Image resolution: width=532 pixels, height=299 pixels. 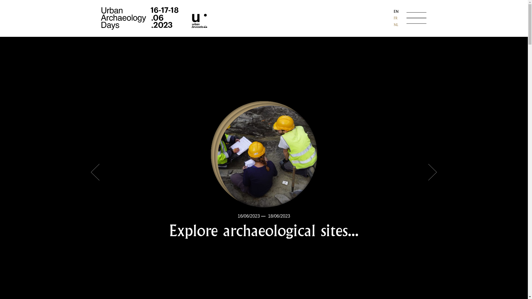 I want to click on 'NL', so click(x=395, y=25).